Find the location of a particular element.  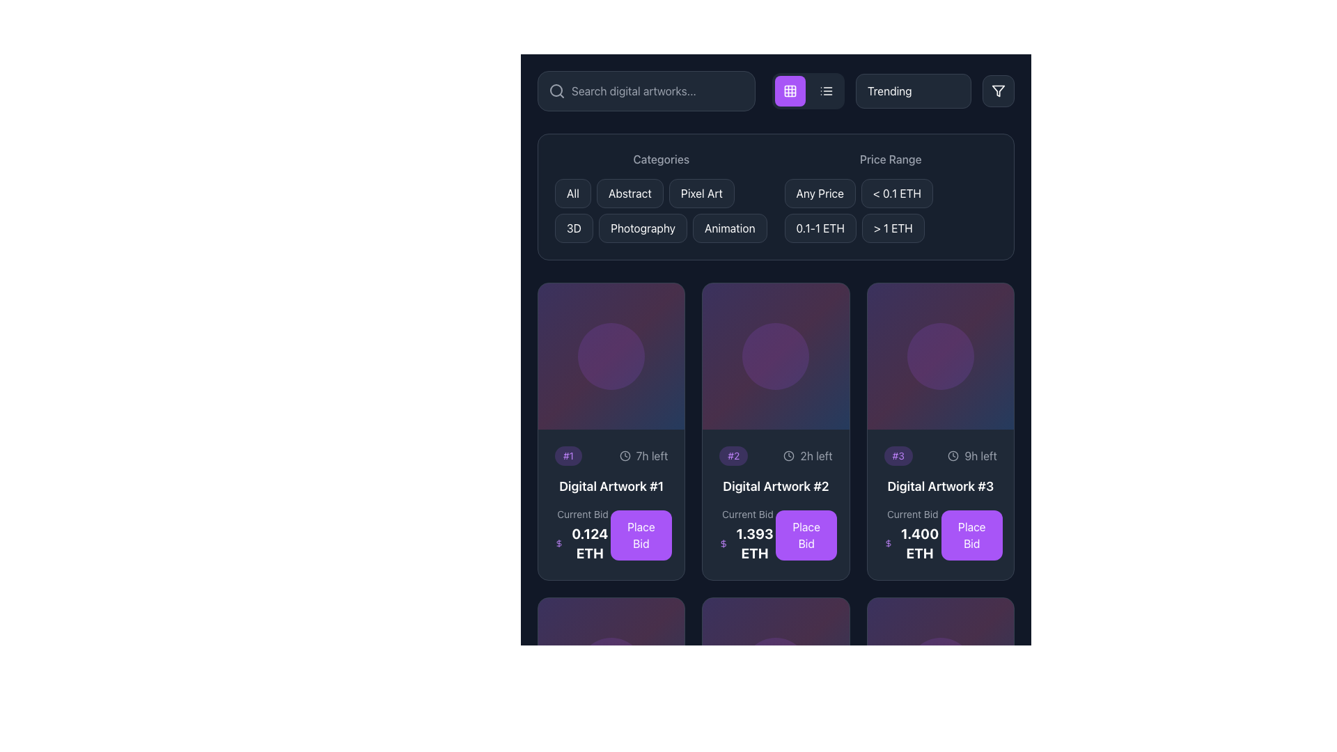

the heart-shaped SVG component, which serves as a favorite or like button located at the bottom of the layout within the last row of artwork cards is located at coordinates (826, 620).